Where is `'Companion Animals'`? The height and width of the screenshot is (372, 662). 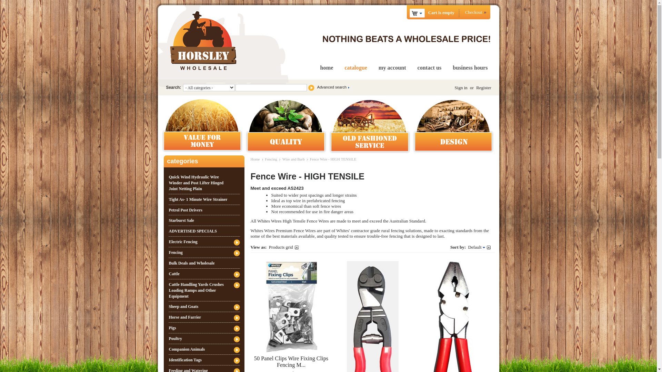 'Companion Animals' is located at coordinates (203, 349).